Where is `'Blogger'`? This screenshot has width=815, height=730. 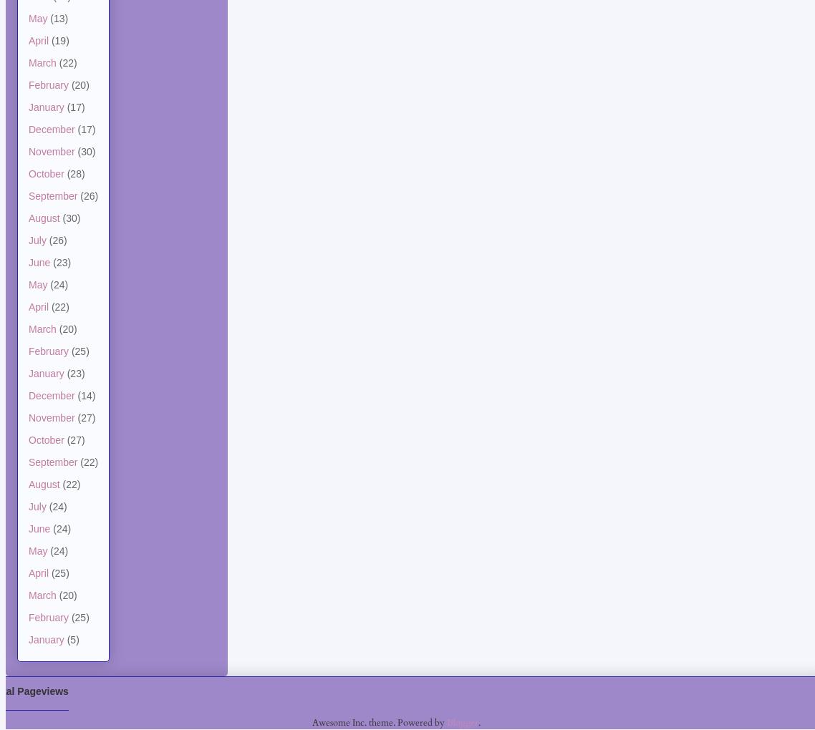 'Blogger' is located at coordinates (461, 721).